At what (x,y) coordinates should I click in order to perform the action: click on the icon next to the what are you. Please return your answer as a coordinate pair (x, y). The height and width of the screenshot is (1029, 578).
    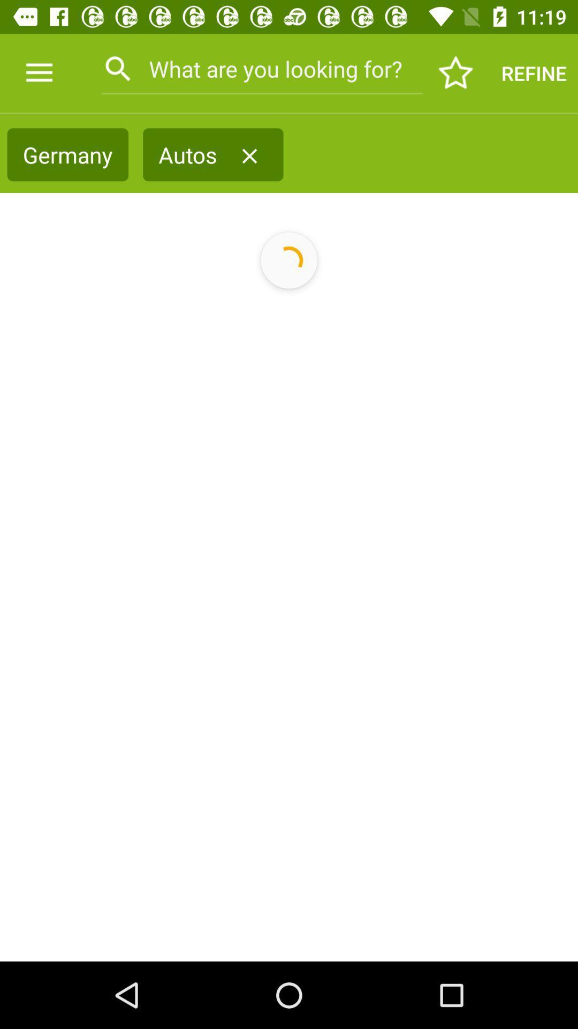
    Looking at the image, I should click on (456, 72).